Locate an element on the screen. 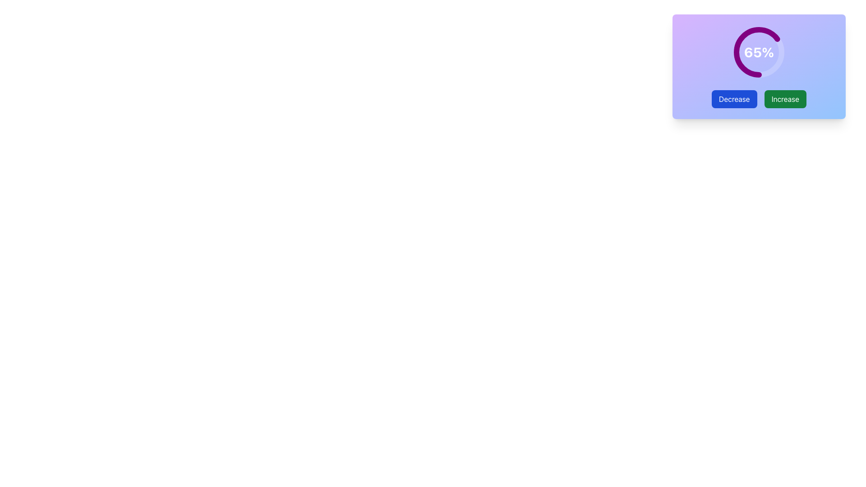 The image size is (866, 487). the button located to the left of the green 'Increase' button, which decreases the value shown by the circular progress bar is located at coordinates (734, 99).